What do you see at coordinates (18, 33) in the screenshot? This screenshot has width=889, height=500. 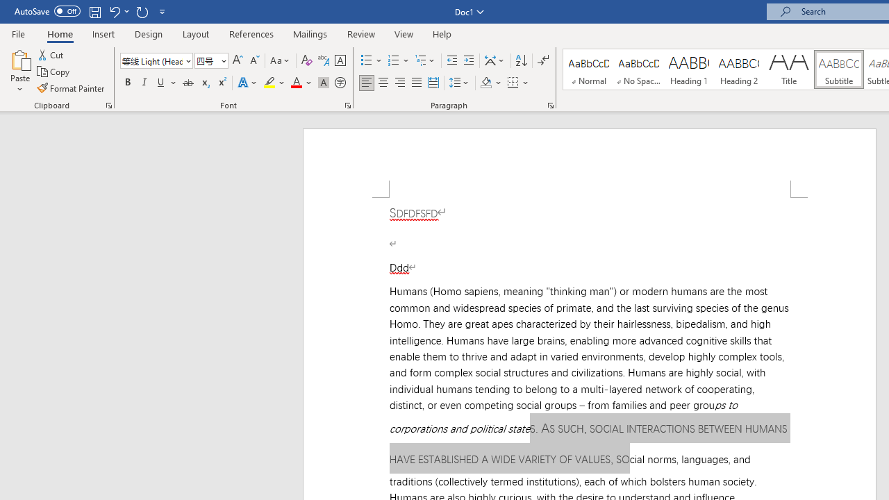 I see `'File Tab'` at bounding box center [18, 33].